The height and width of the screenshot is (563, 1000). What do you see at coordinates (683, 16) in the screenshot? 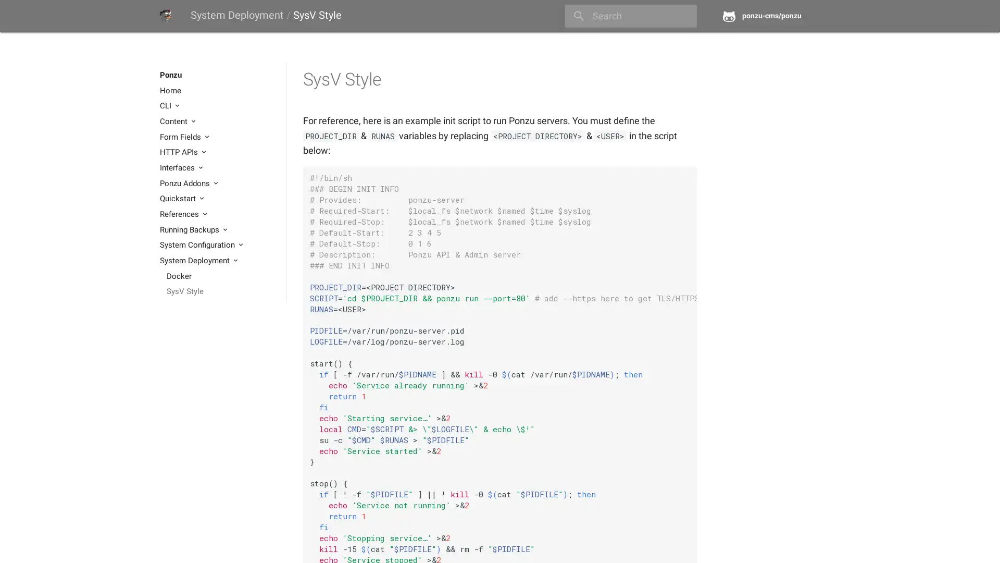
I see `close` at bounding box center [683, 16].